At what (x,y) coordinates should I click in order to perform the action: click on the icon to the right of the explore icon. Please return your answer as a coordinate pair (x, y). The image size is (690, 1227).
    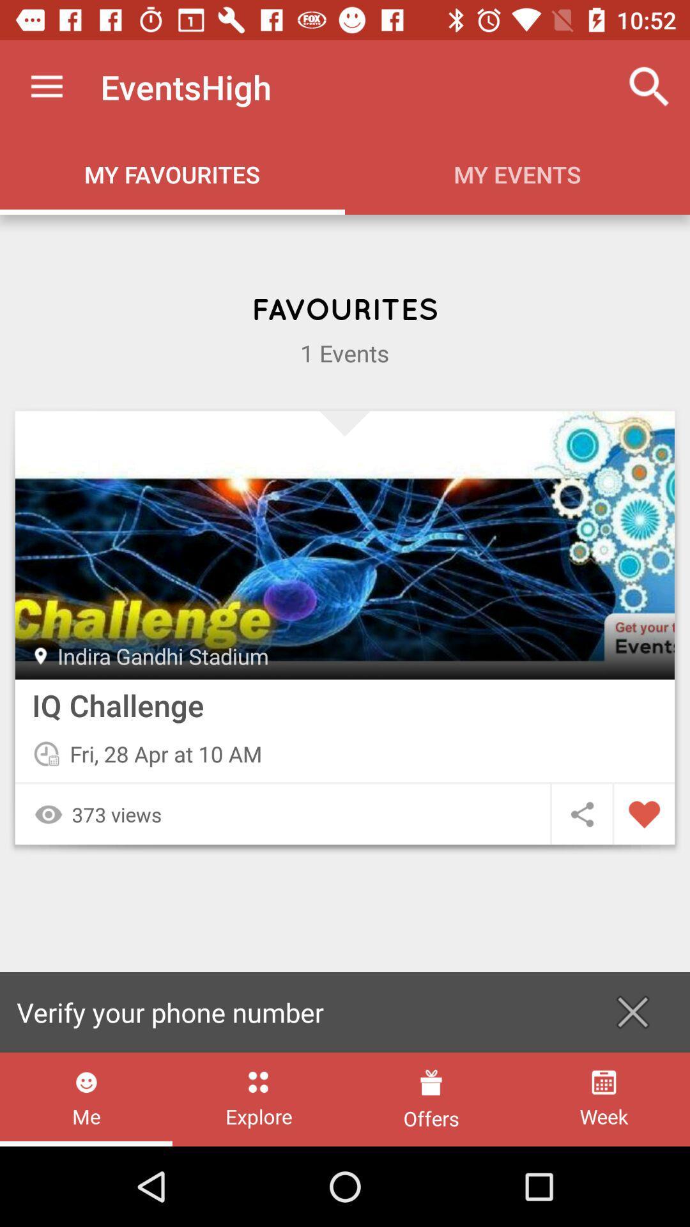
    Looking at the image, I should click on (431, 1099).